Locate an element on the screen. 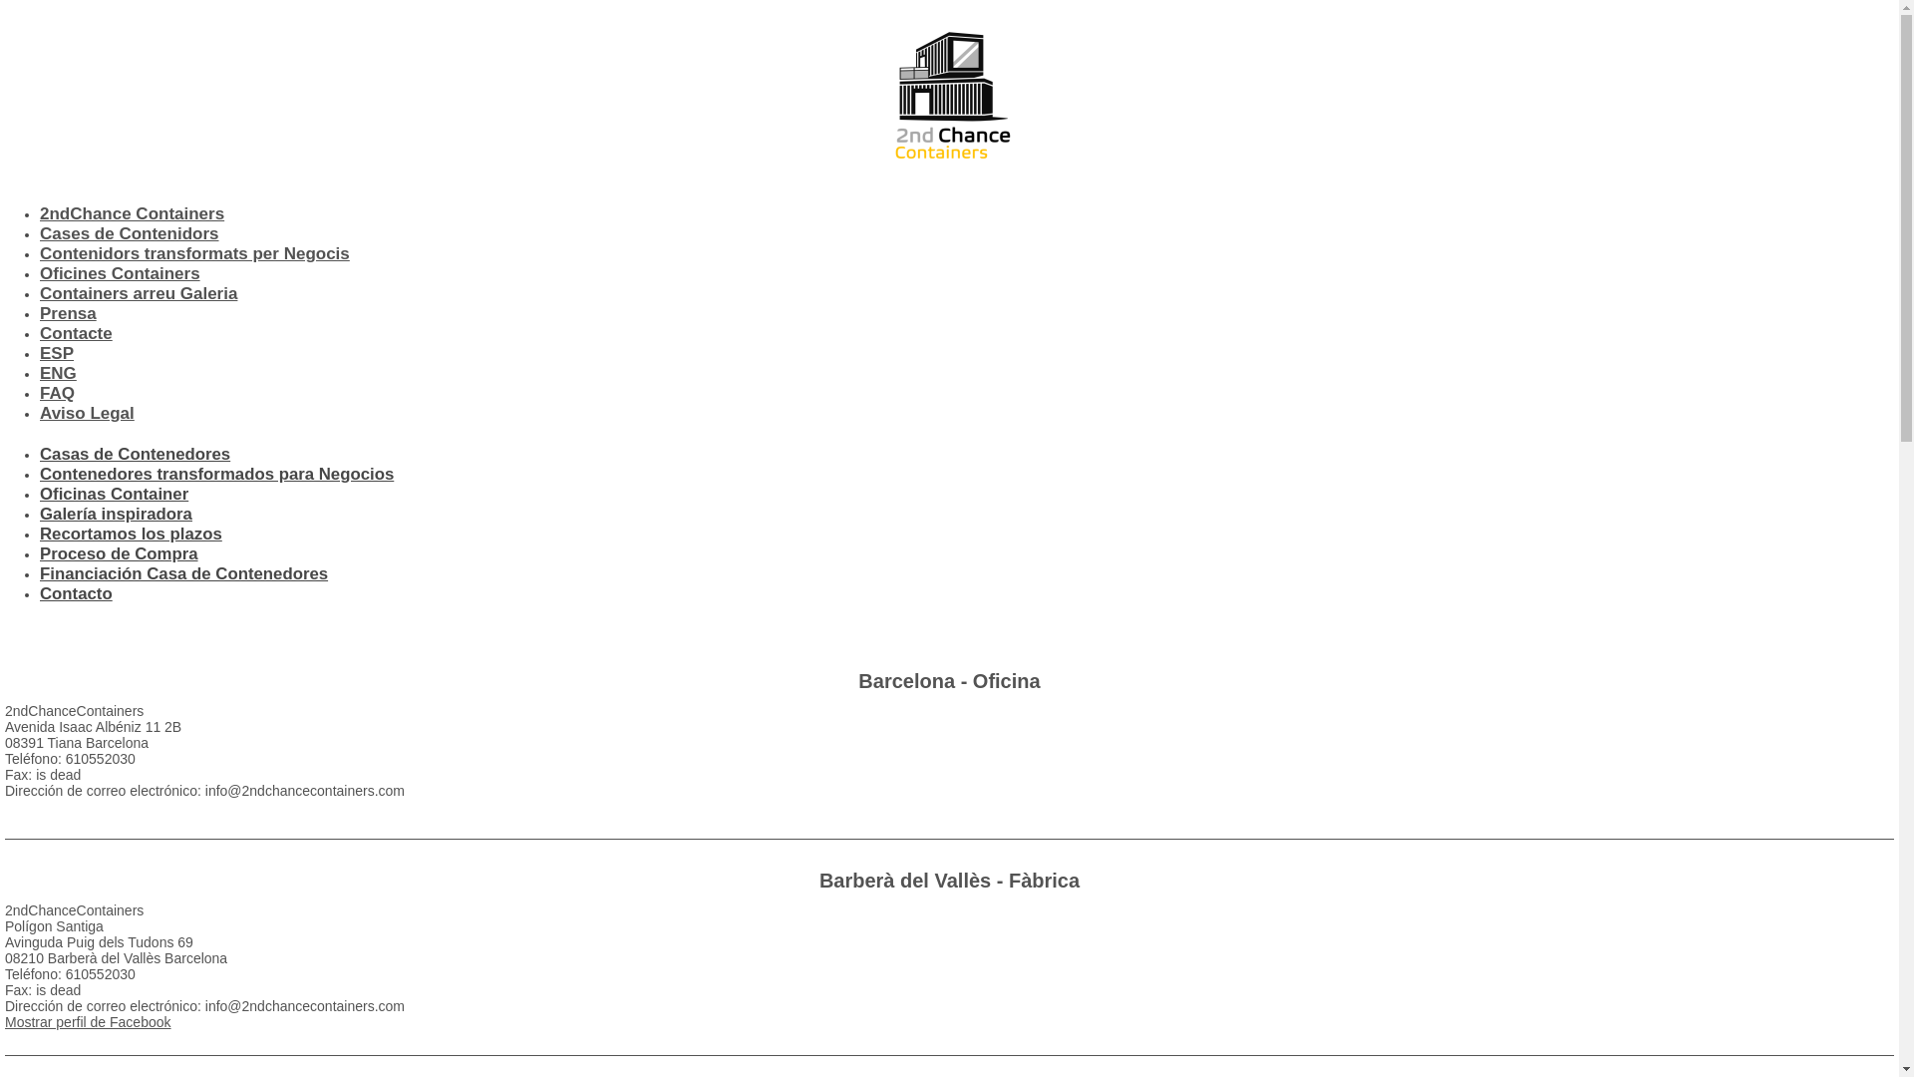  'Aviso Legal' is located at coordinates (39, 412).